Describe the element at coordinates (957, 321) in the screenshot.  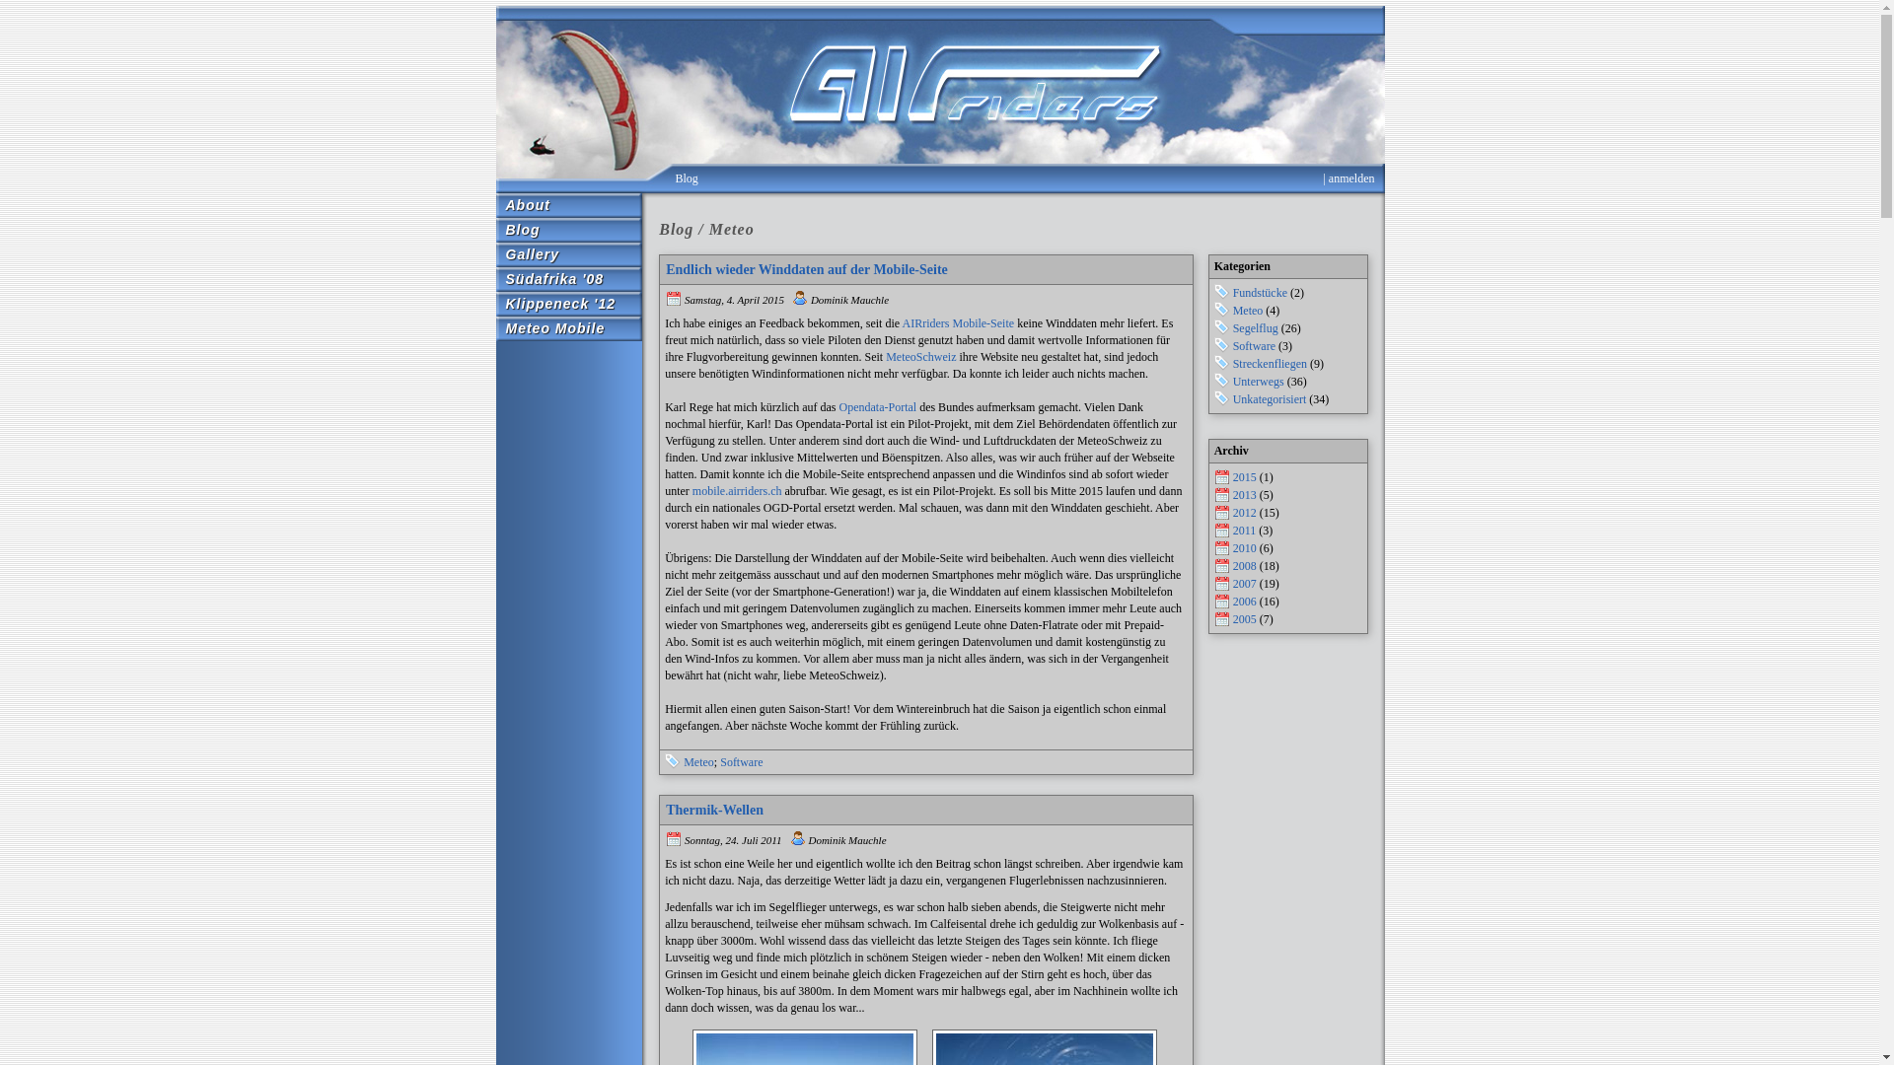
I see `'AIRriders Mobile-Seite'` at that location.